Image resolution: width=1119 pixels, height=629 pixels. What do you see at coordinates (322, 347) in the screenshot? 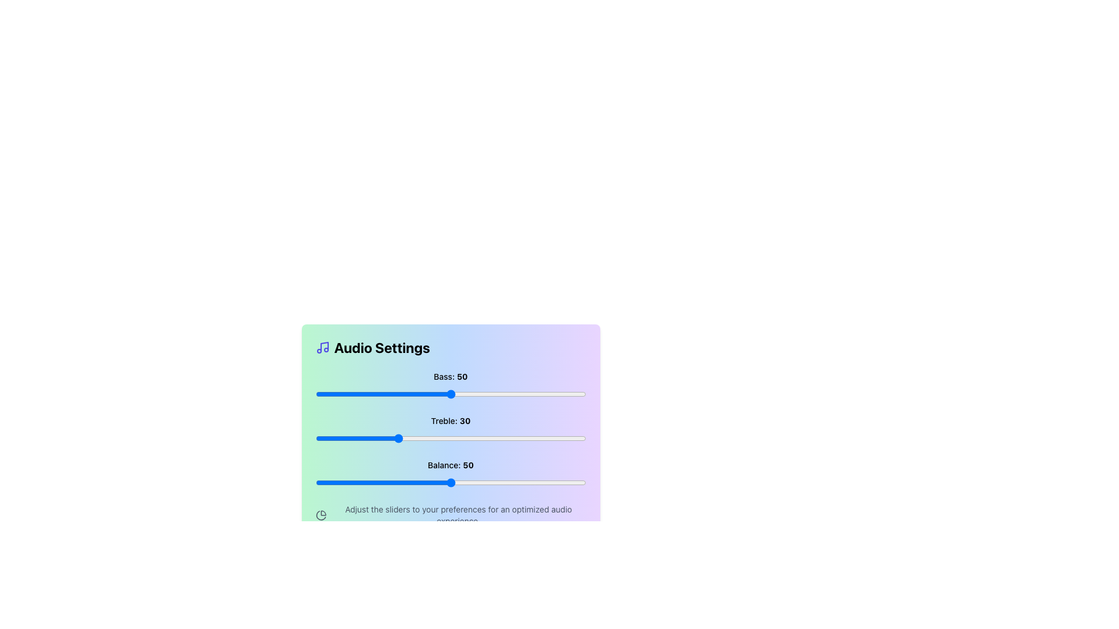
I see `the music note icon with a blue outline located to the left of the 'Audio Settings' text in the title area` at bounding box center [322, 347].